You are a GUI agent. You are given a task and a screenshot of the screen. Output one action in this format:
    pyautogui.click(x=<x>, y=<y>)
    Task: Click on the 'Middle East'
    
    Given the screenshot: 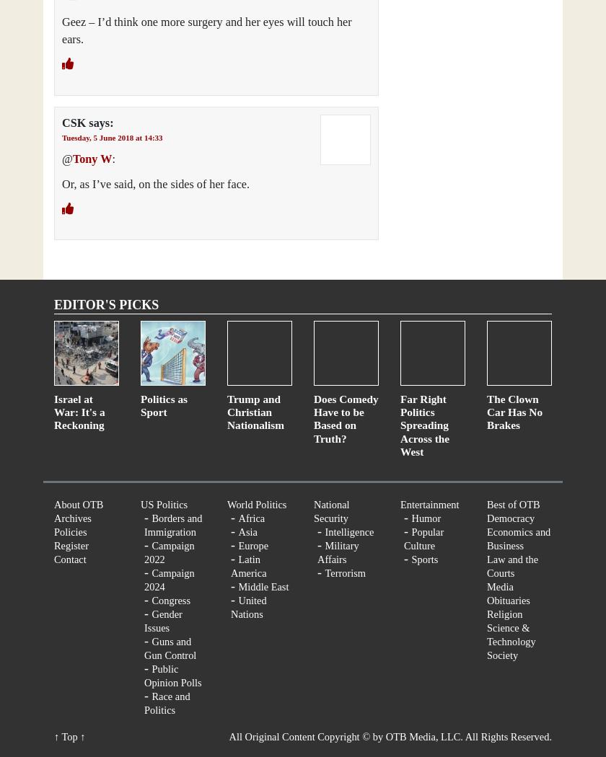 What is the action you would take?
    pyautogui.click(x=238, y=585)
    